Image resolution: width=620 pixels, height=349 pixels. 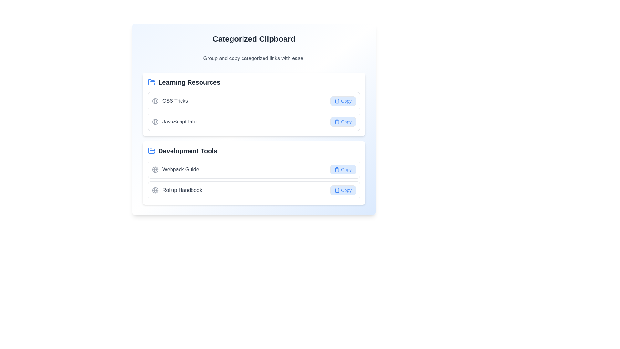 I want to click on the Text label that provides a brief descriptive instruction or context for the categorized links, located below the title 'Categorized Clipboard', so click(x=253, y=58).